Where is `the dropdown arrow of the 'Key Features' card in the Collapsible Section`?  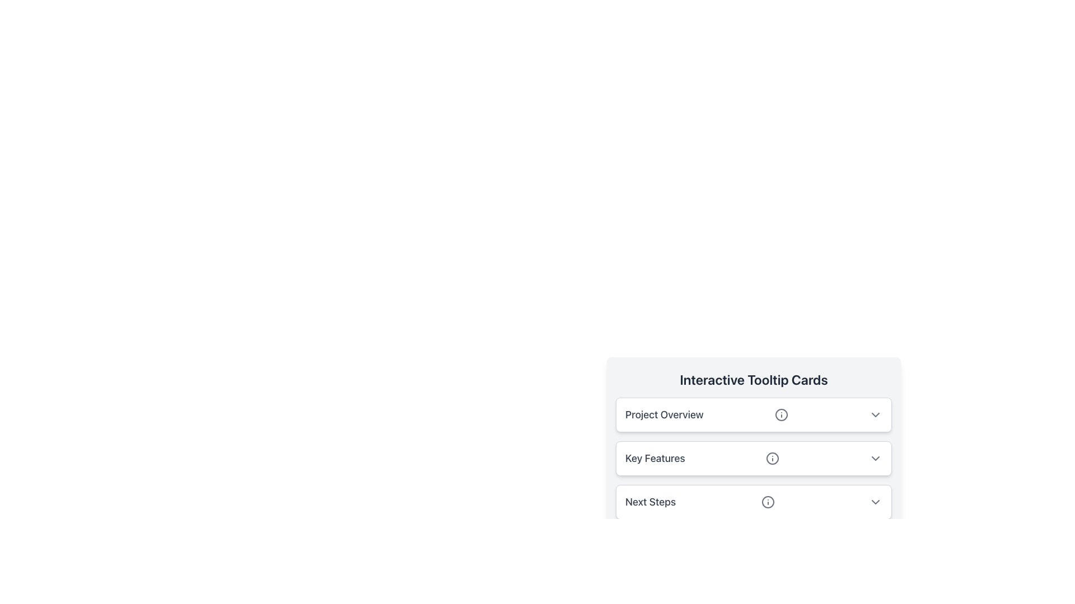
the dropdown arrow of the 'Key Features' card in the Collapsible Section is located at coordinates (754, 459).